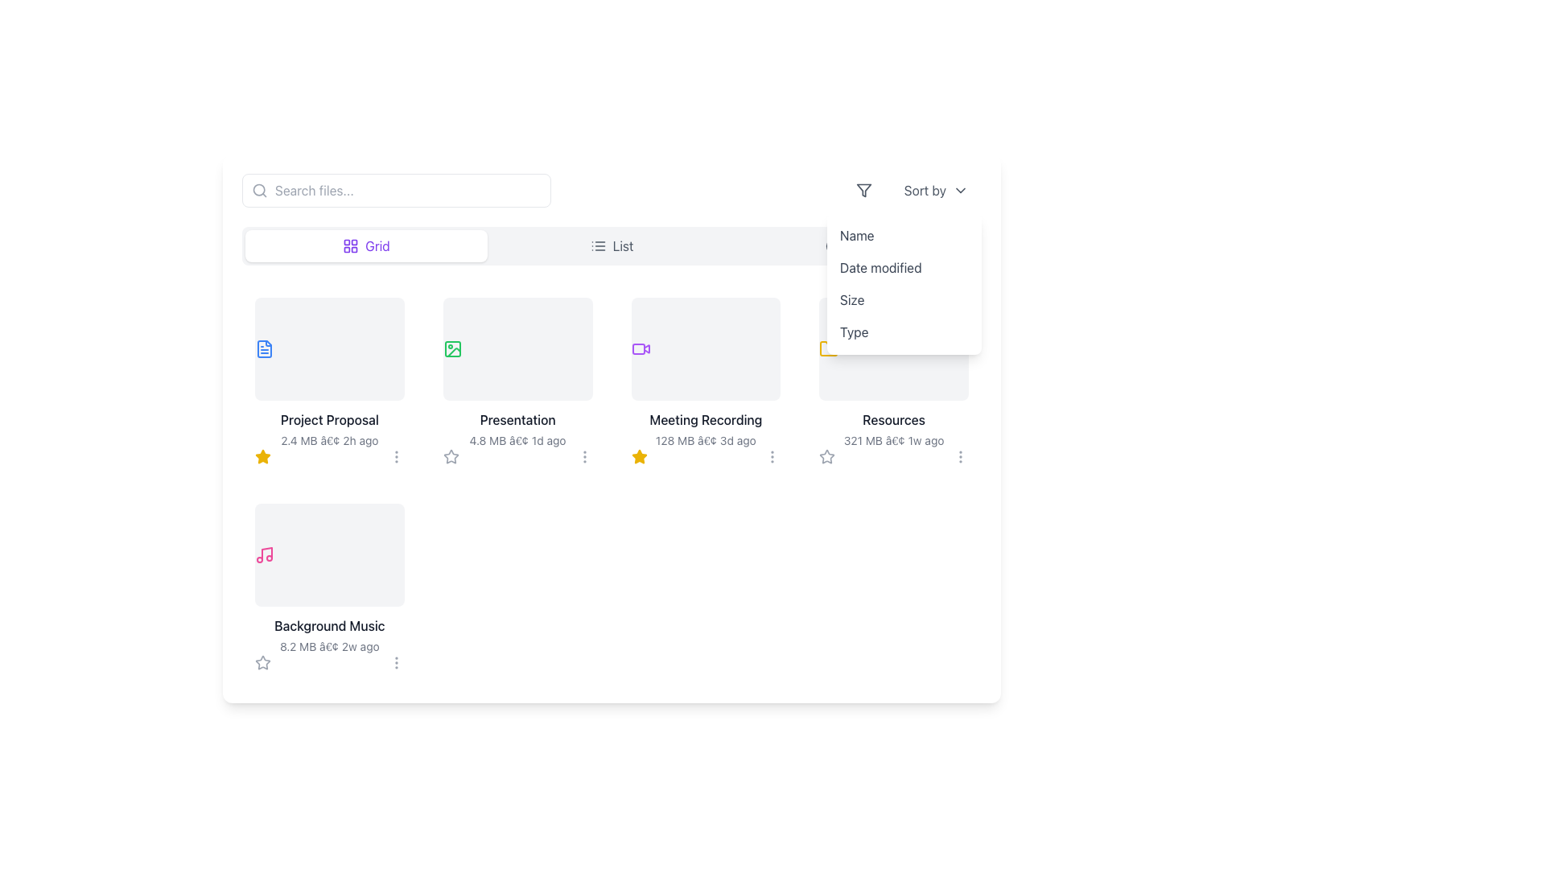 The image size is (1545, 869). I want to click on the Text label for switching to the List view layout, located in the top horizontal bar, right of the 'Grid' option and left of the 'Sort by' dropdown menu, so click(622, 245).